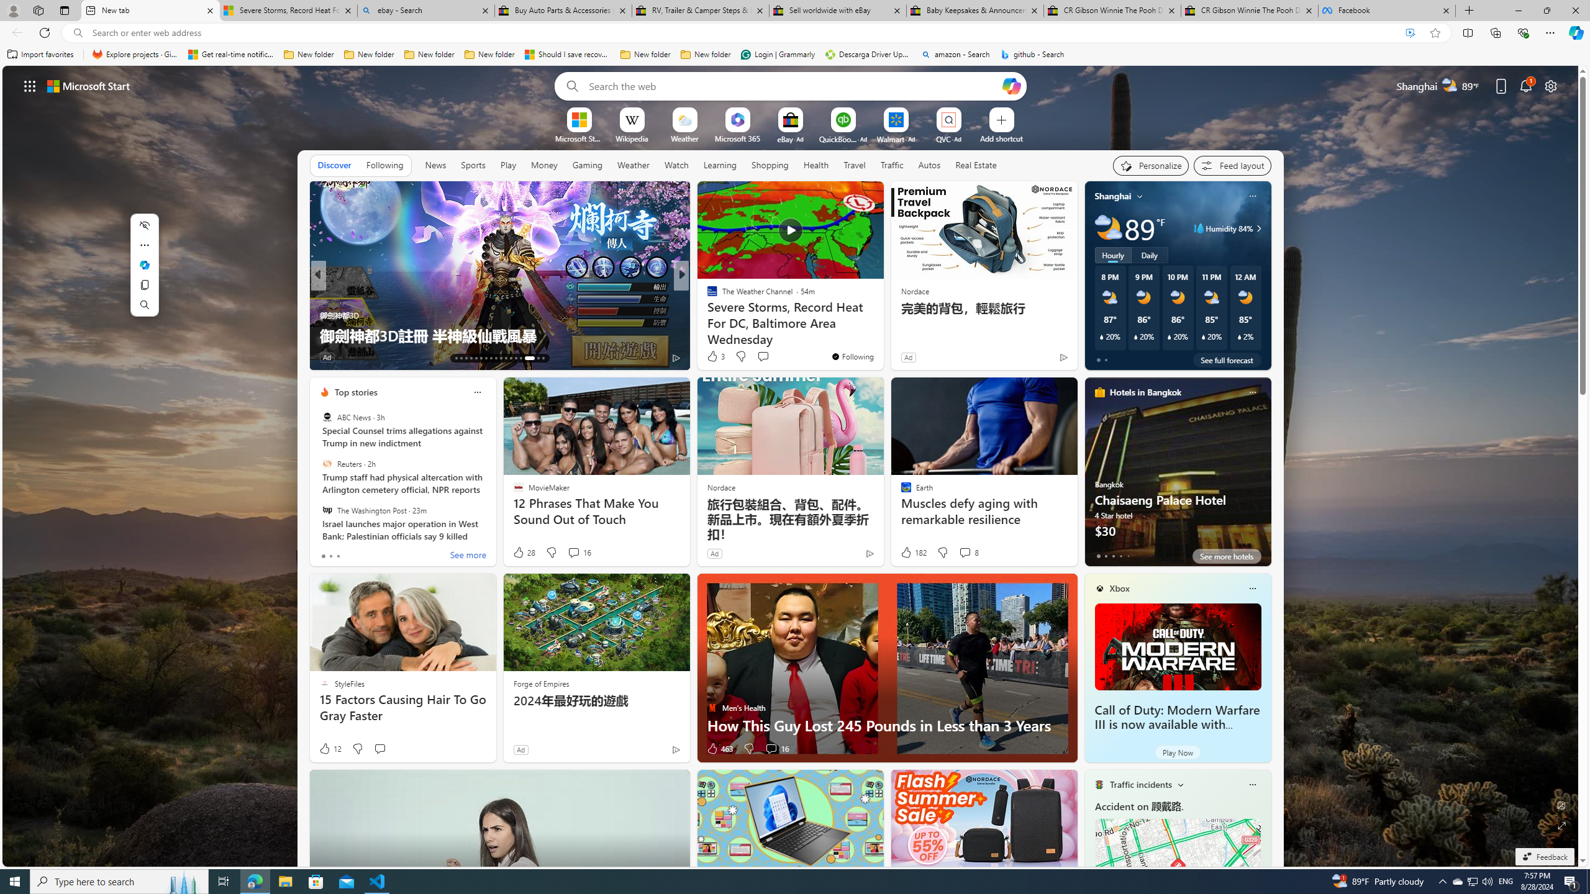 This screenshot has height=894, width=1590. What do you see at coordinates (1550, 32) in the screenshot?
I see `'Settings and more (Alt+F)'` at bounding box center [1550, 32].